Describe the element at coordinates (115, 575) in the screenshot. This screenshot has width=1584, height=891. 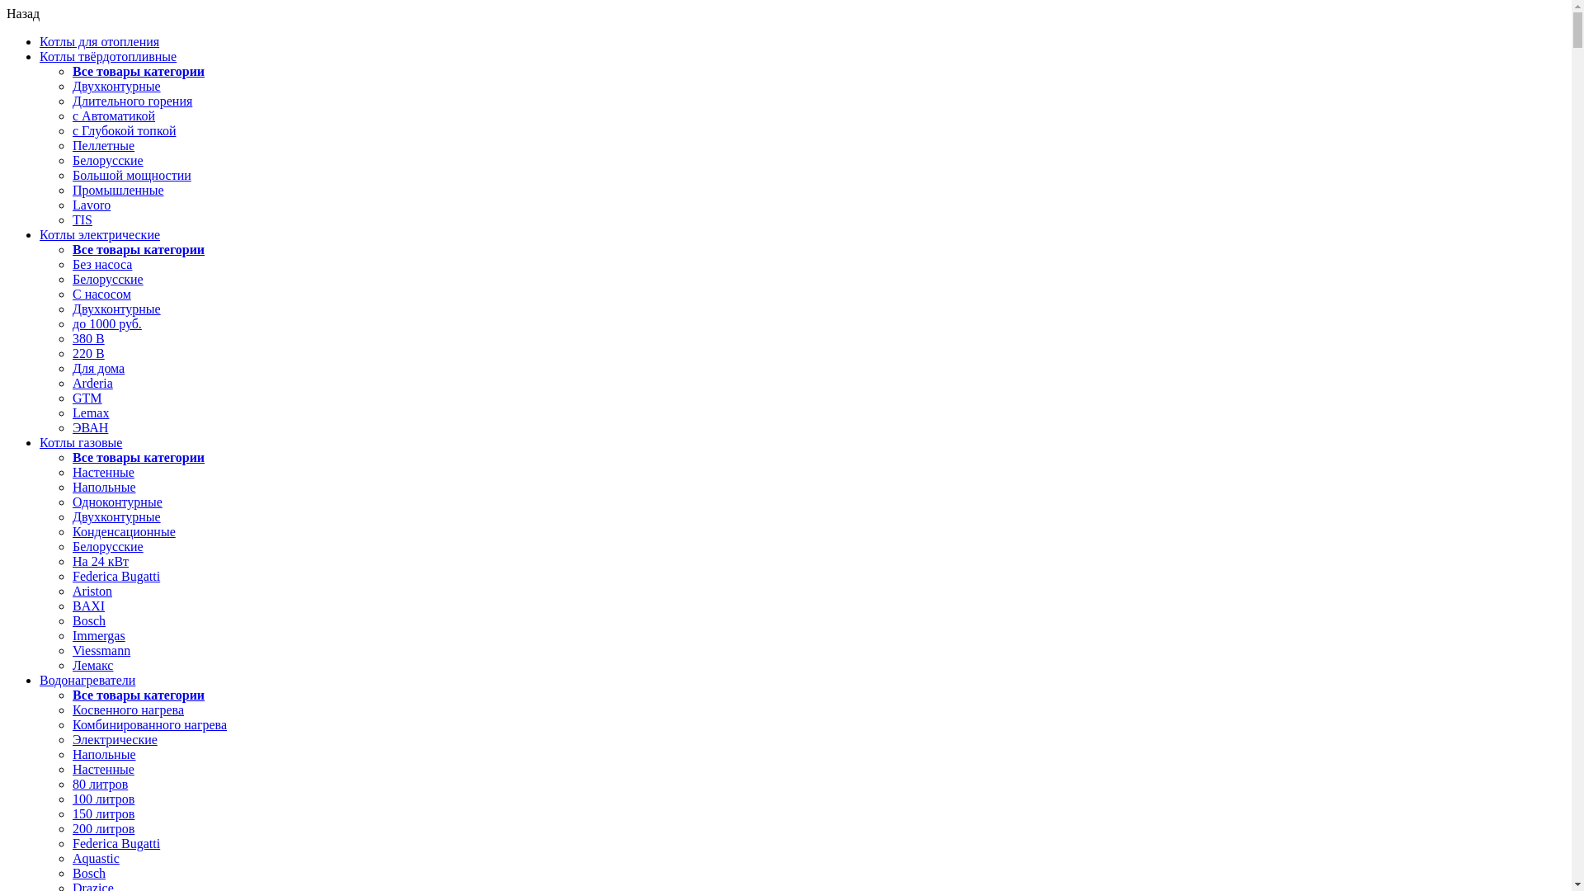
I see `'Federica Bugatti'` at that location.